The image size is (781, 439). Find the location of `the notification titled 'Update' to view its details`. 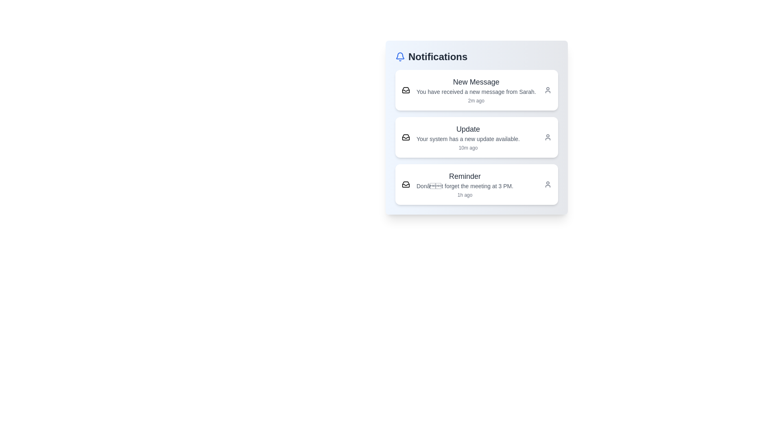

the notification titled 'Update' to view its details is located at coordinates (476, 137).